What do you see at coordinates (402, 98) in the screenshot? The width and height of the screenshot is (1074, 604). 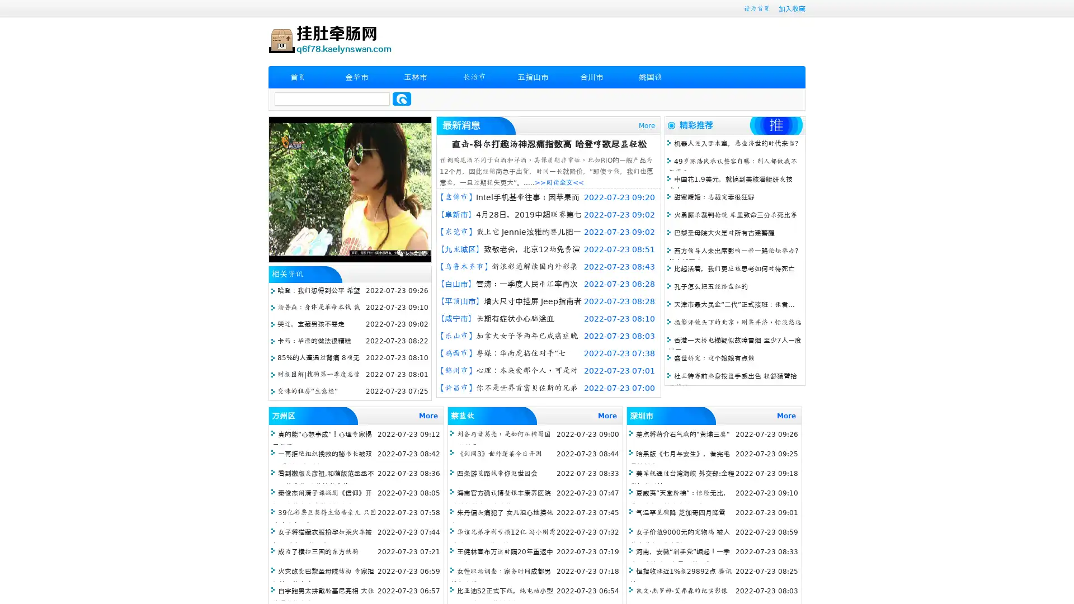 I see `Search` at bounding box center [402, 98].